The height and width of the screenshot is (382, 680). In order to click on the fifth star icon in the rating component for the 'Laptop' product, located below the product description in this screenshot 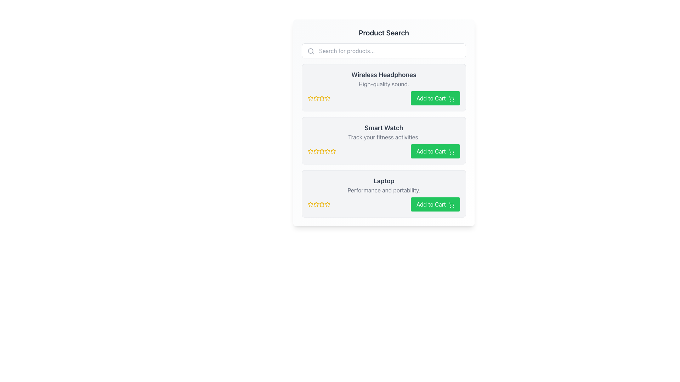, I will do `click(327, 204)`.